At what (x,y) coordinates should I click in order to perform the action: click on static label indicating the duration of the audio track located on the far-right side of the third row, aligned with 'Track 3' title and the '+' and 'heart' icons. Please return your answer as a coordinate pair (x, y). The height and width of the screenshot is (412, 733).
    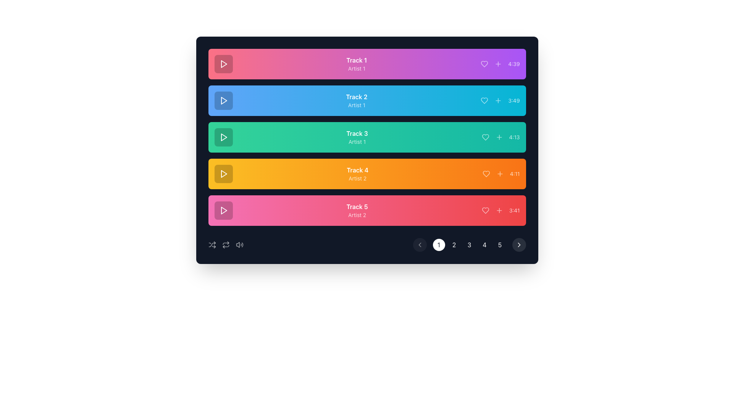
    Looking at the image, I should click on (514, 137).